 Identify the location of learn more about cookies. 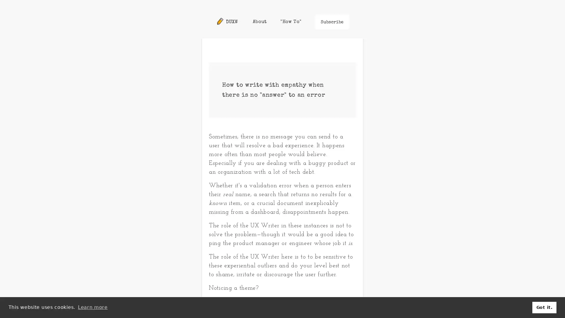
(92, 307).